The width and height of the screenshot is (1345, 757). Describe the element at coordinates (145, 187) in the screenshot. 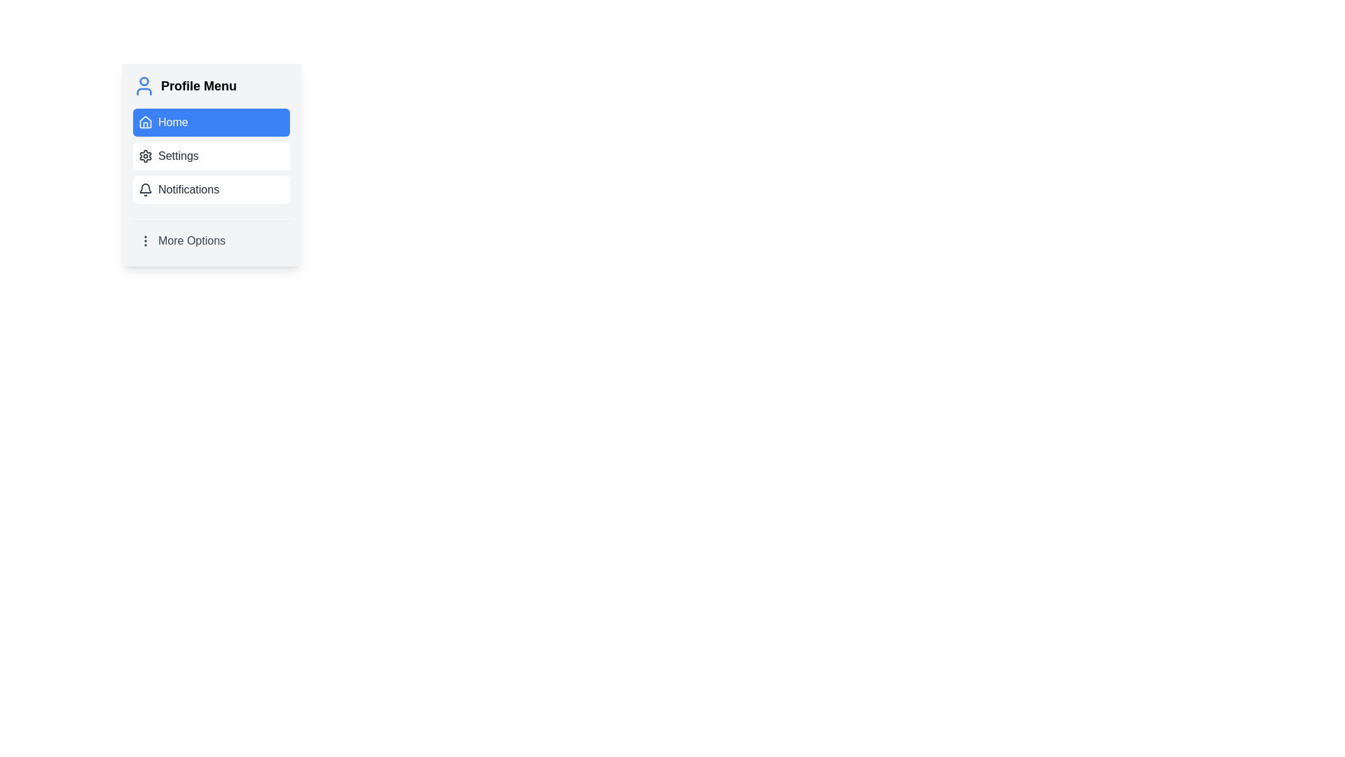

I see `the bell-shaped notification icon located to the left of the 'Notifications' text in the profile menu` at that location.